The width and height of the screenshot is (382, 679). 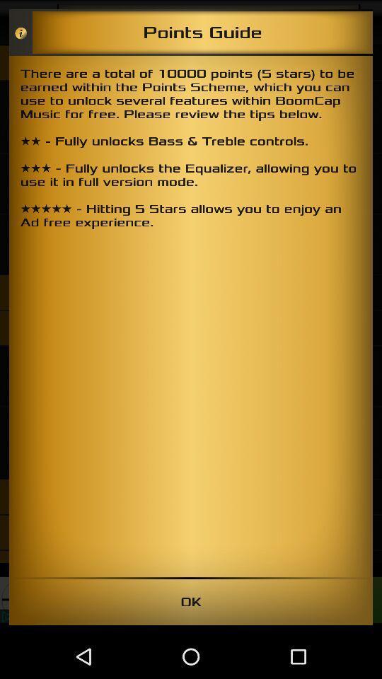 I want to click on the ok icon, so click(x=191, y=601).